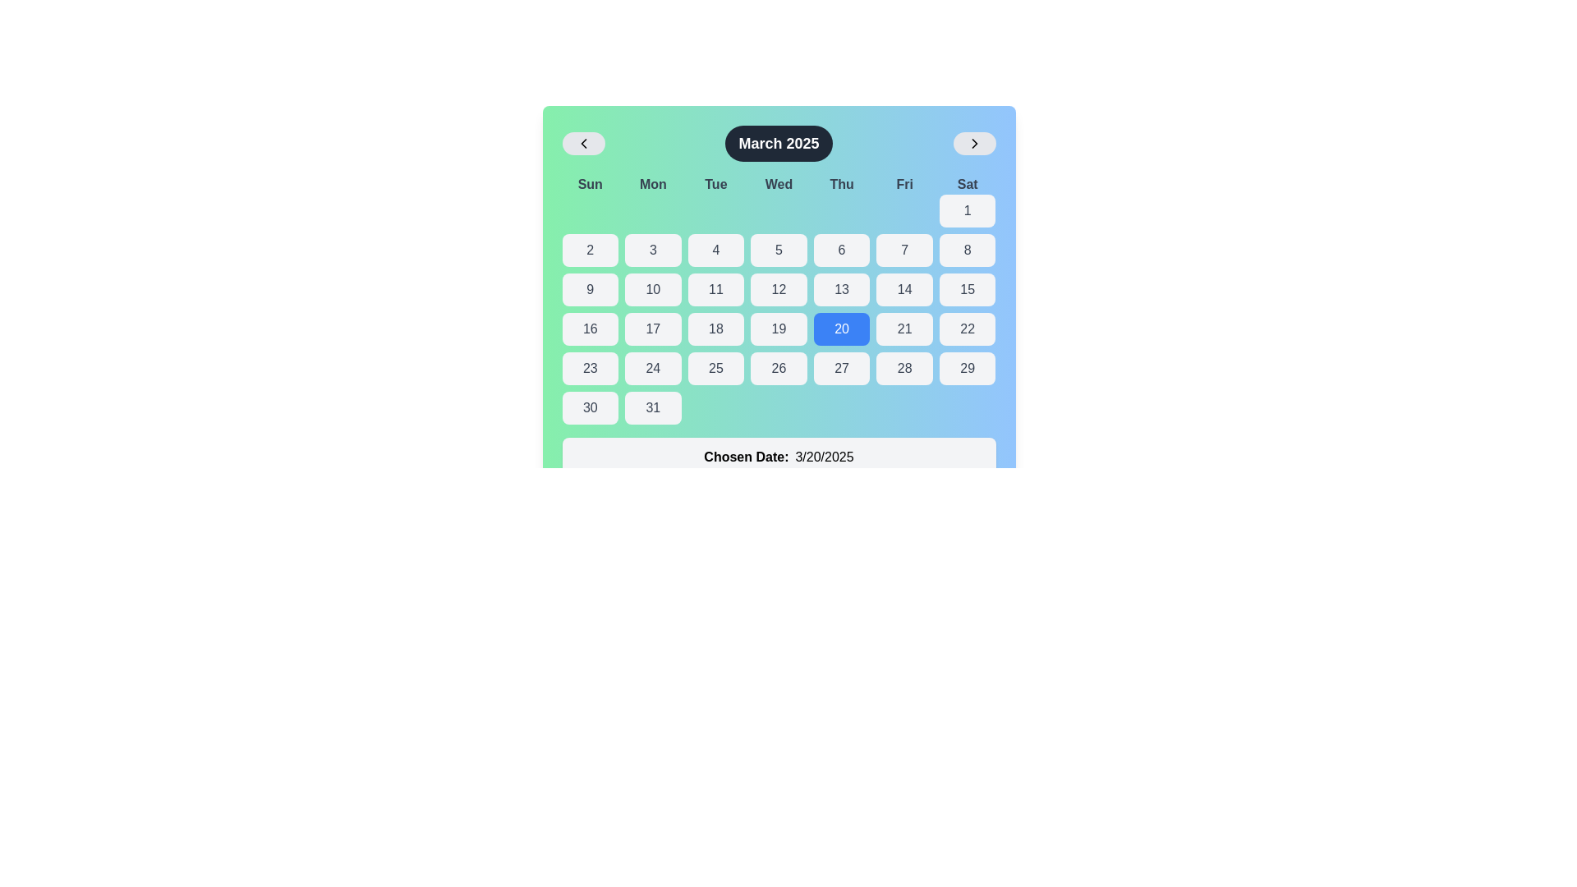  What do you see at coordinates (715, 367) in the screenshot?
I see `the button displaying the number '25' in the calendar grid` at bounding box center [715, 367].